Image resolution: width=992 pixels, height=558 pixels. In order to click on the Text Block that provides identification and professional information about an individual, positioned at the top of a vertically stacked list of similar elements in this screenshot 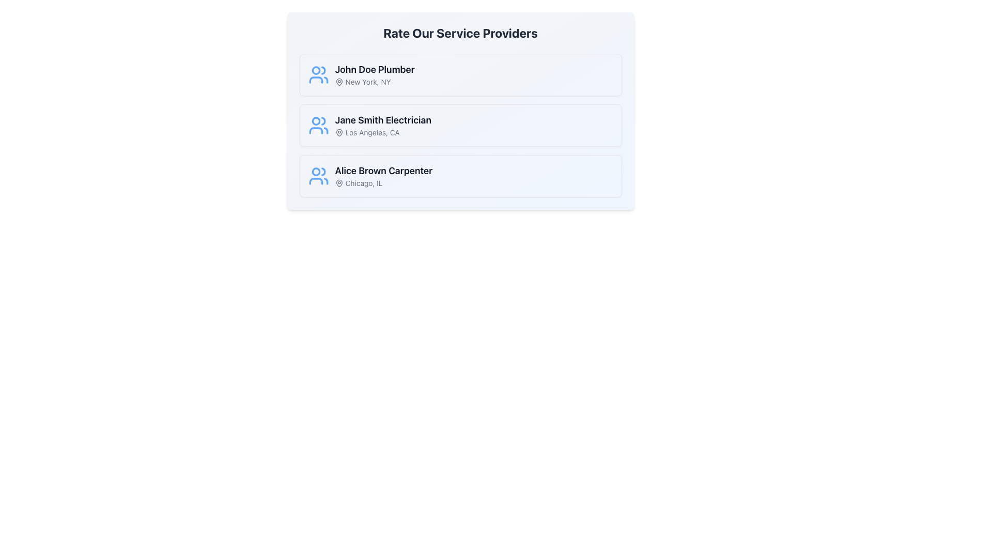, I will do `click(374, 74)`.